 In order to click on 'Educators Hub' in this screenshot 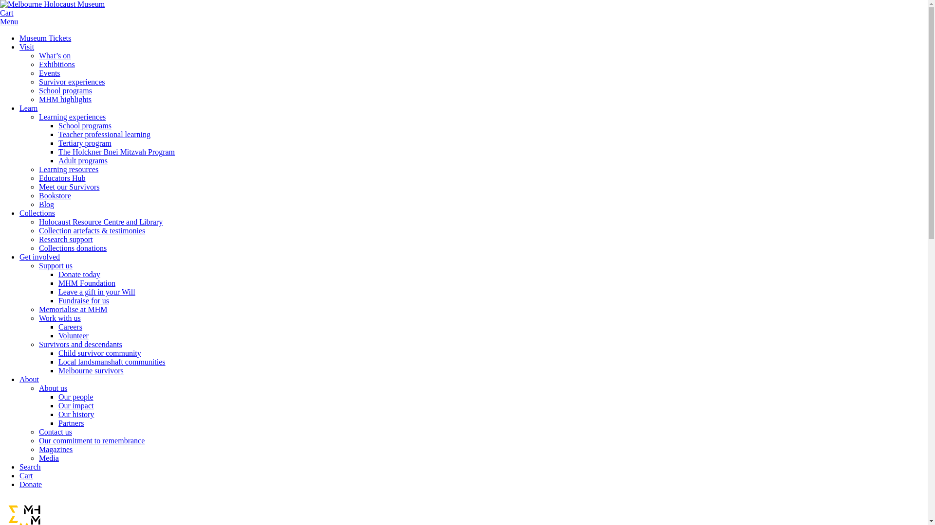, I will do `click(62, 178)`.